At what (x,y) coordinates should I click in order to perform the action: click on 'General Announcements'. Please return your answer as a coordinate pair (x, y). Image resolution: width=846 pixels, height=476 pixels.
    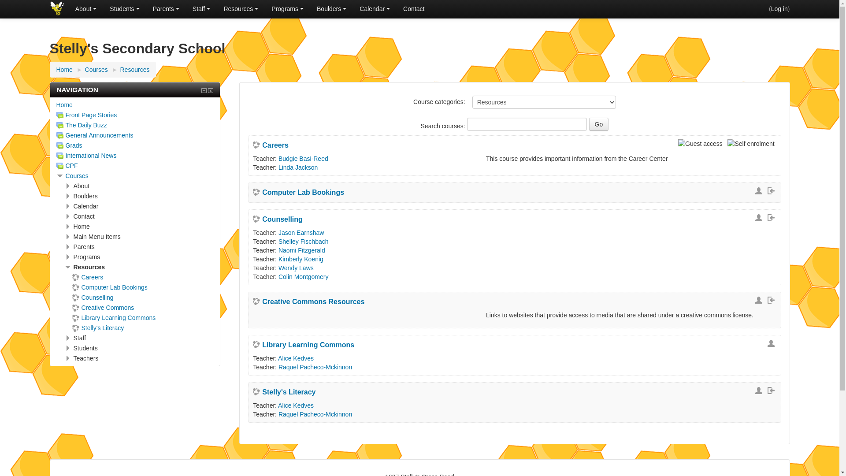
    Looking at the image, I should click on (56, 135).